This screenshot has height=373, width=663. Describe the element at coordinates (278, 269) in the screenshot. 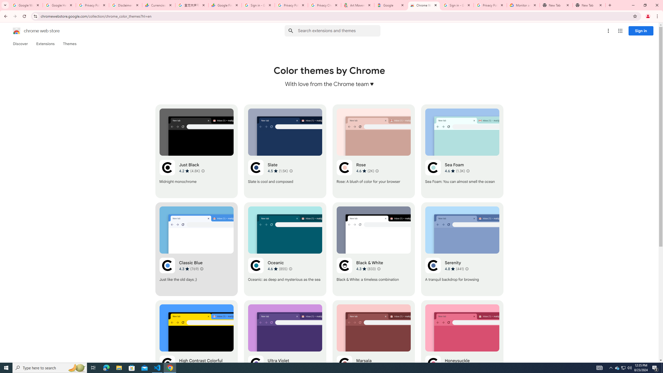

I see `'Average rating 4.6 out of 5 stars. 855 ratings.'` at that location.